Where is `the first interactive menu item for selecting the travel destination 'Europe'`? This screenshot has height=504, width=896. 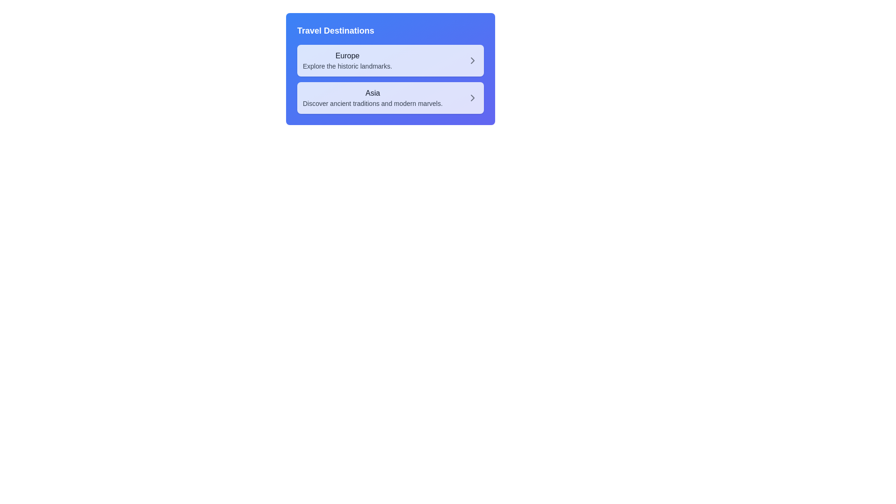 the first interactive menu item for selecting the travel destination 'Europe' is located at coordinates (390, 61).